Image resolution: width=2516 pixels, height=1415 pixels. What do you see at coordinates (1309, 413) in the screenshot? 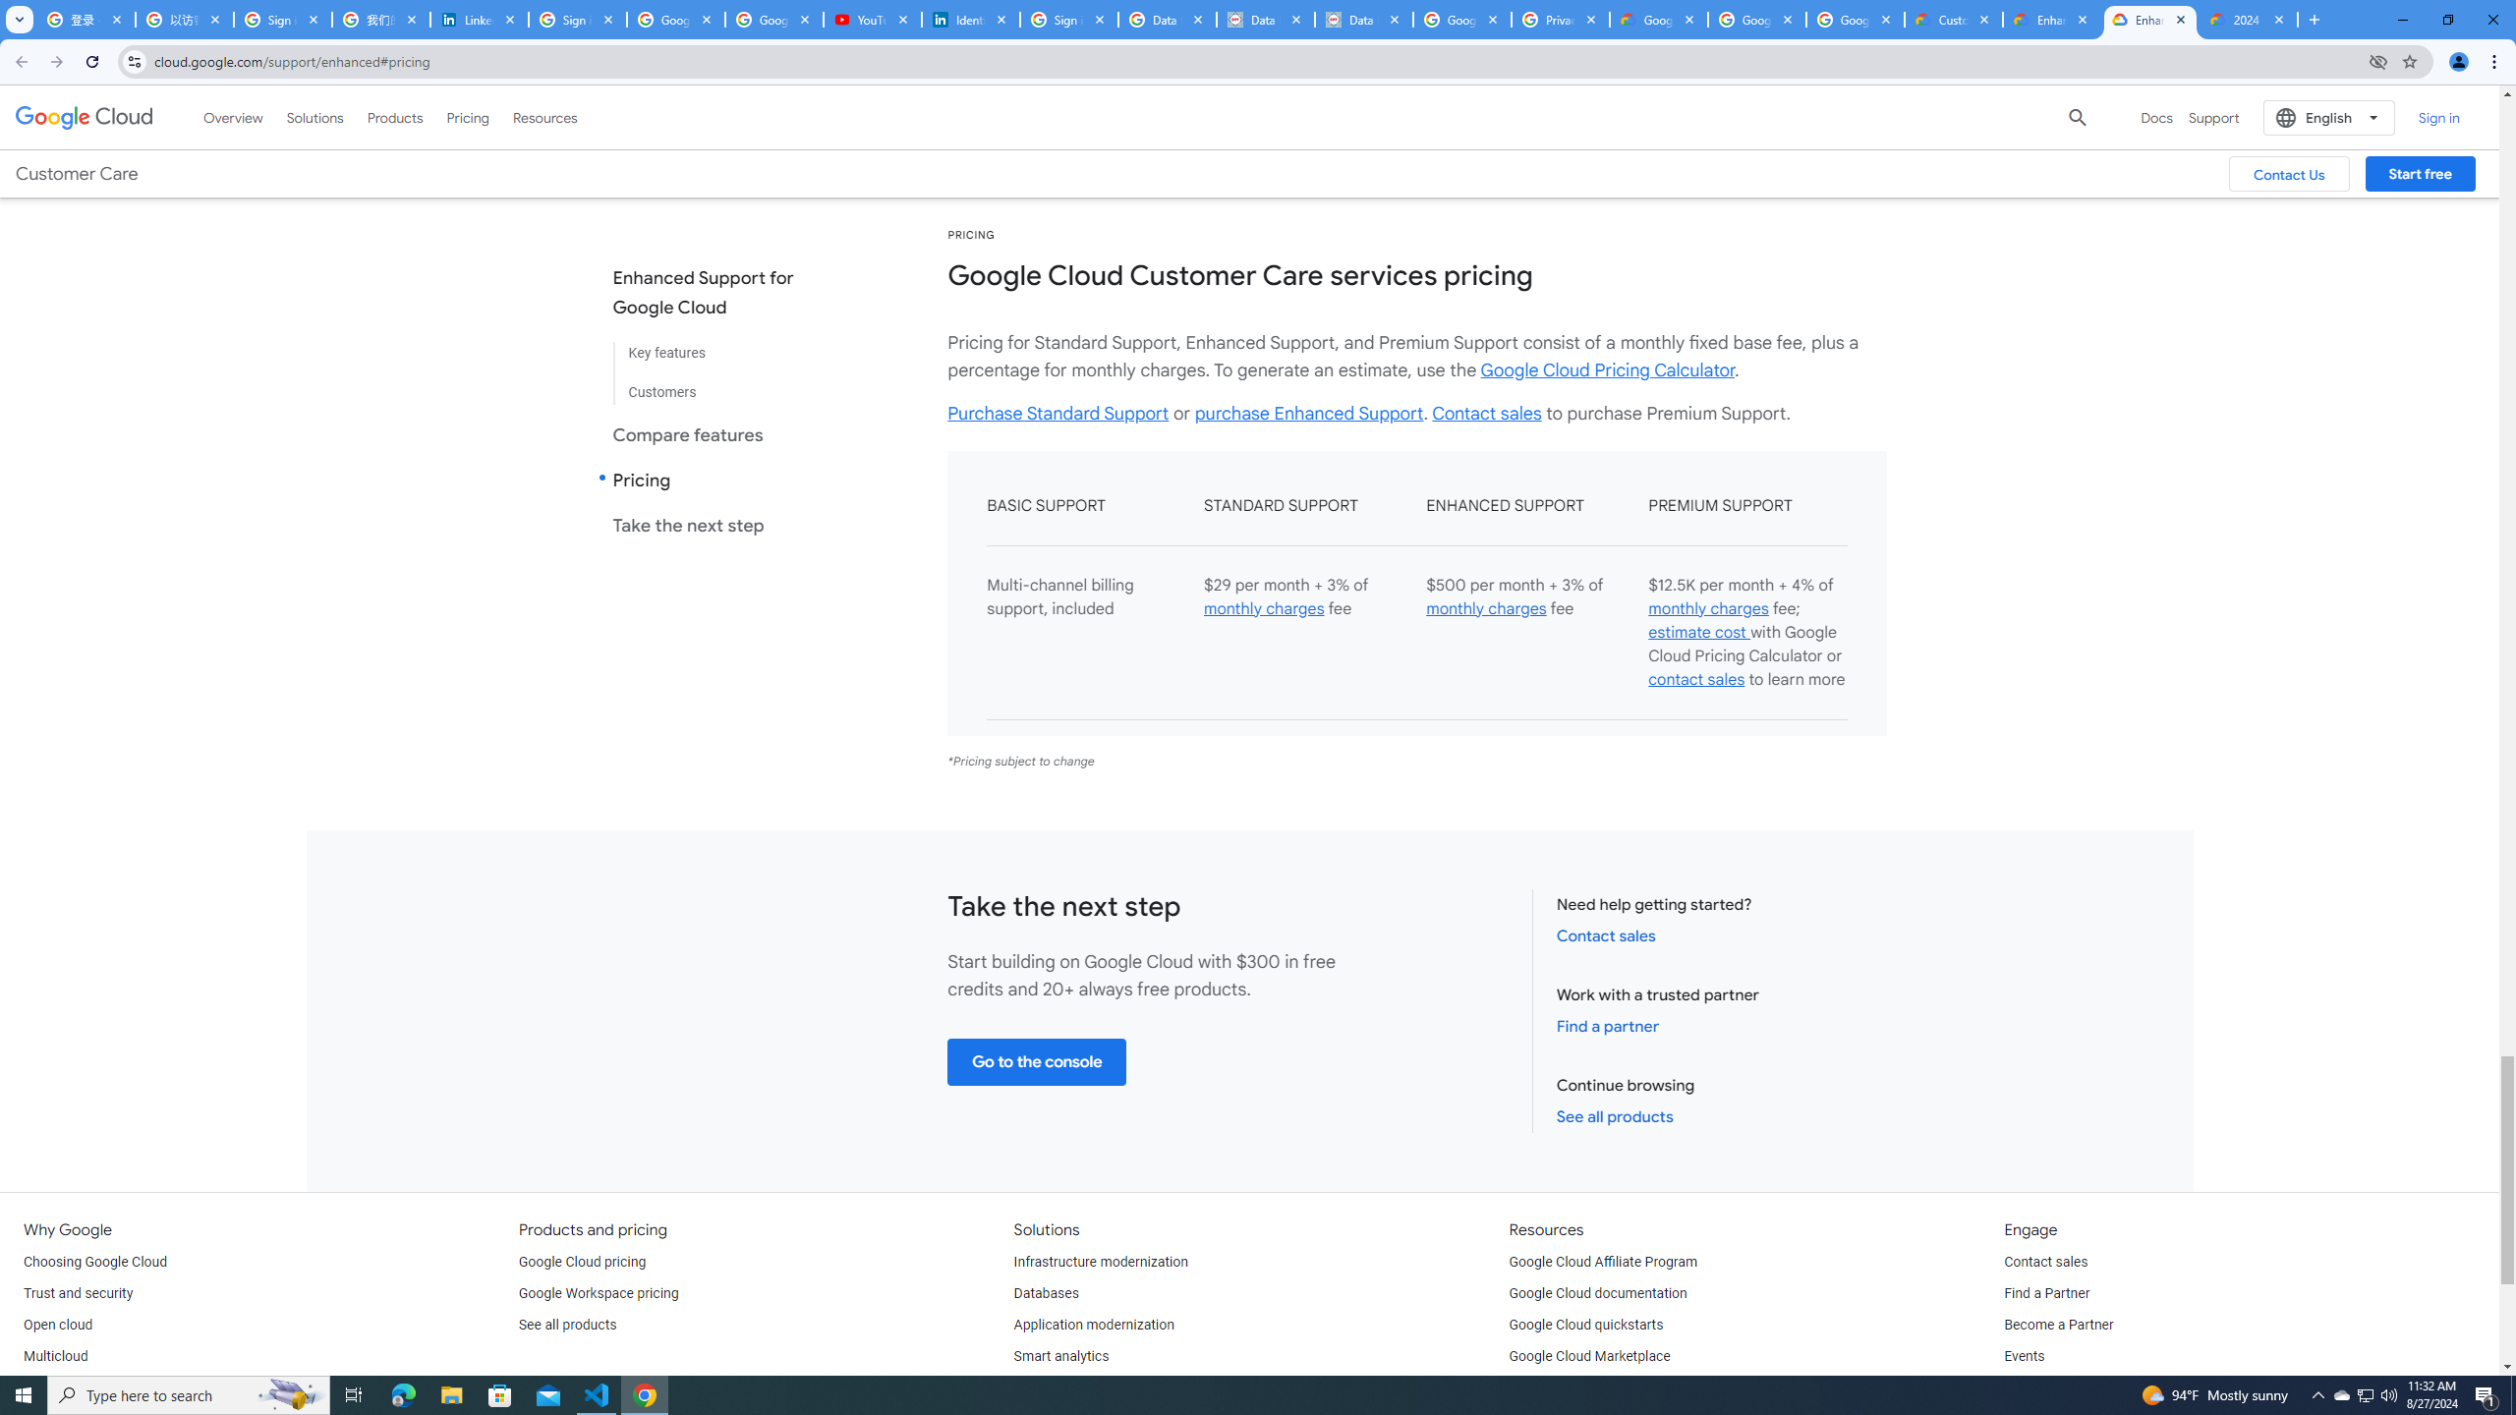
I see `'purchase Enhanced Support'` at bounding box center [1309, 413].